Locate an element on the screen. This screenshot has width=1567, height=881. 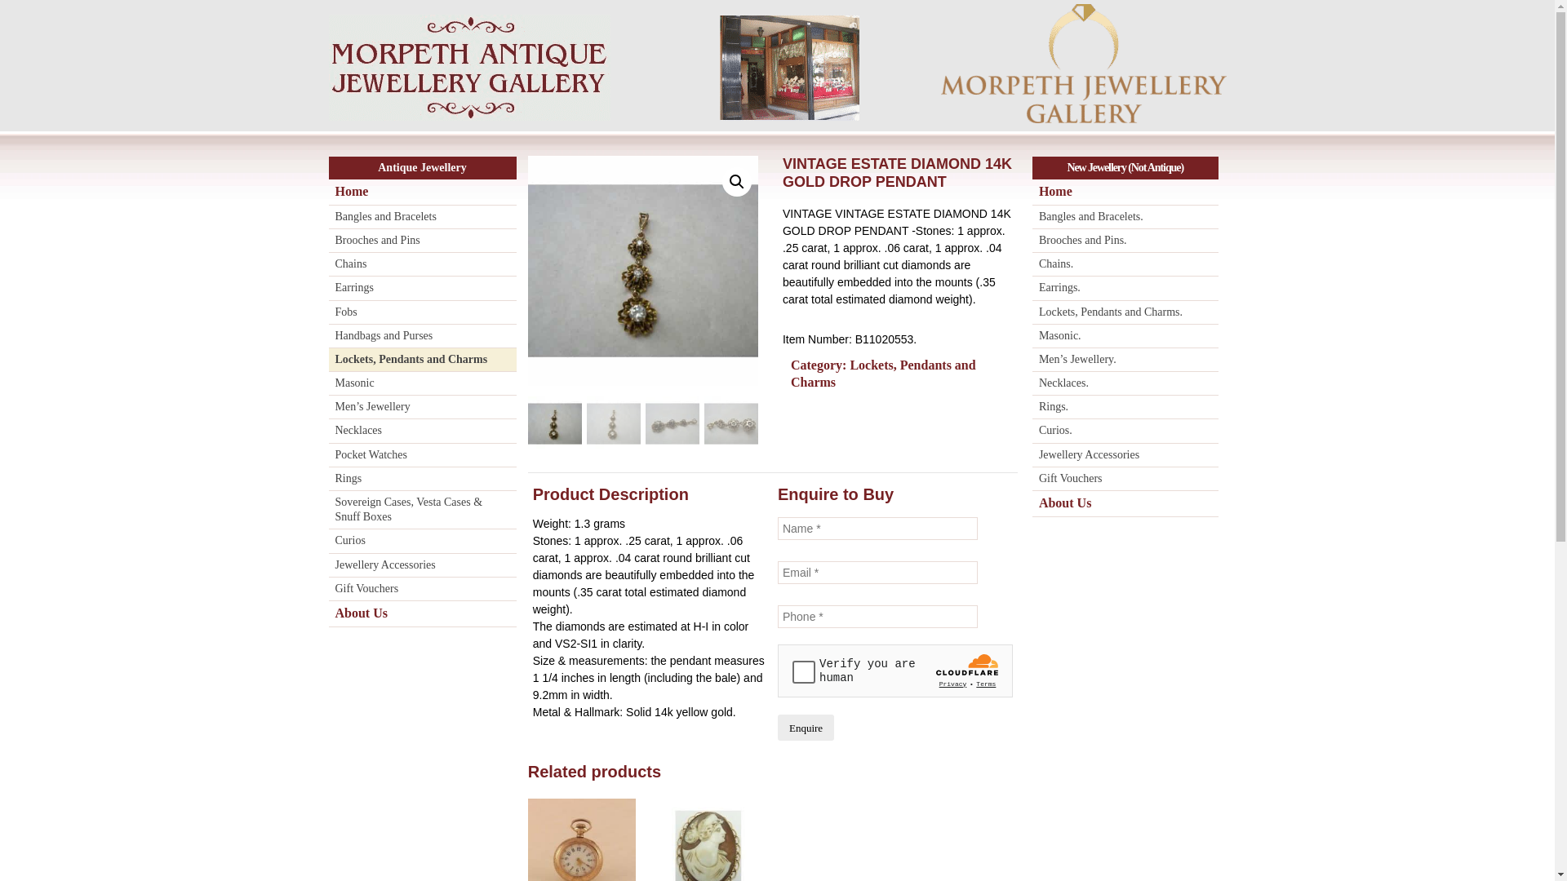
'Fobs' is located at coordinates (422, 312).